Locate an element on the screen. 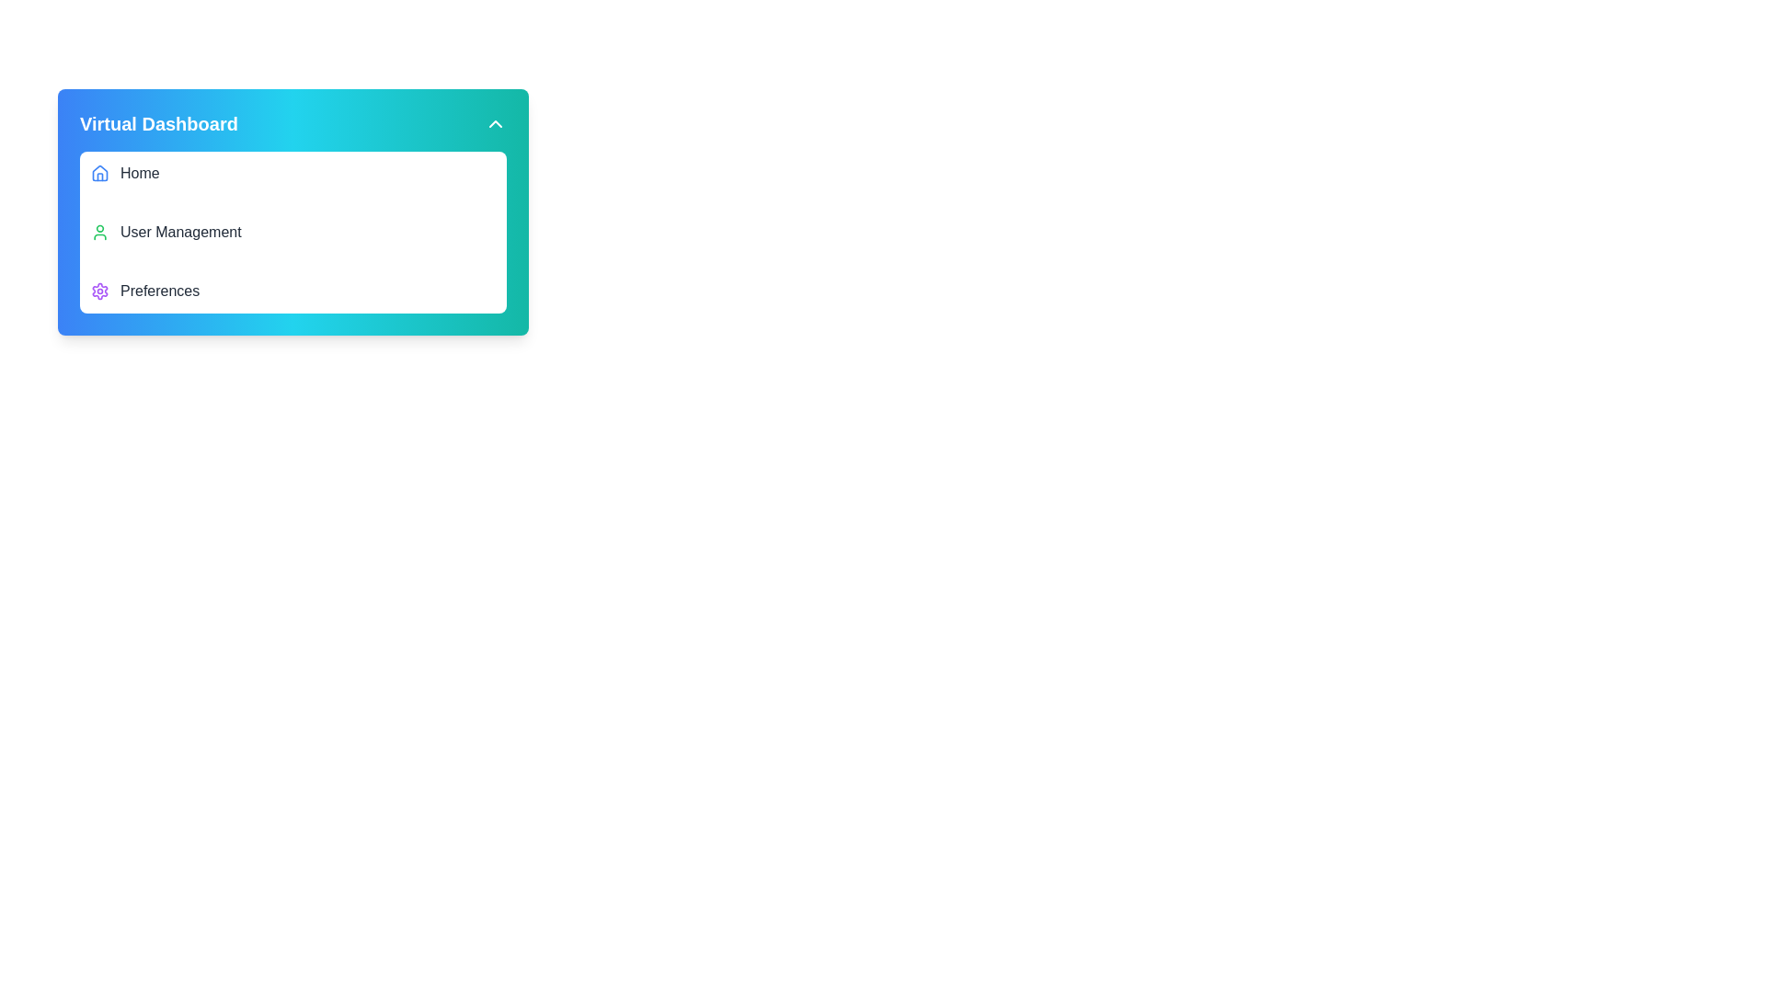 This screenshot has width=1766, height=993. the 'Home' icon located at the leftmost position of the horizontal menu in the 'Virtual Dashboard' card to associate it with the menu item 'Home' is located at coordinates (99, 174).